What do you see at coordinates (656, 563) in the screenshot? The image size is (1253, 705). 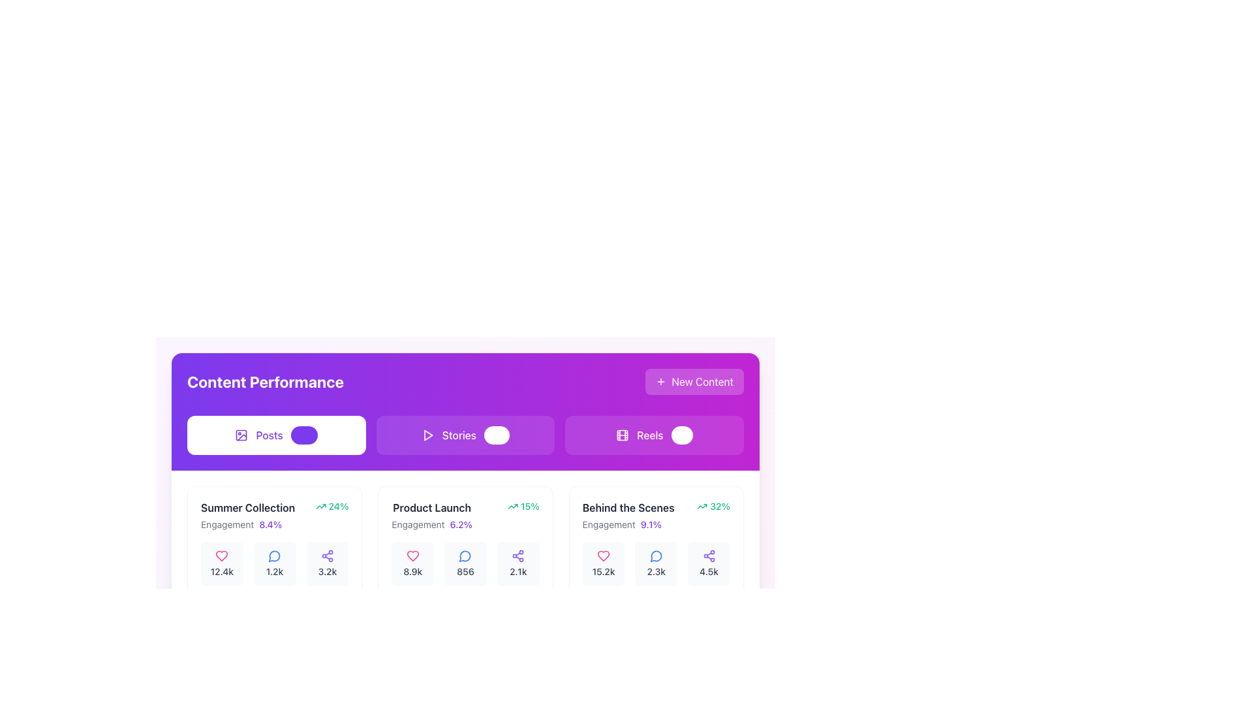 I see `the clickable card element displaying a blue speech bubble icon and '2.3k' text, located in the 'Behind the Scenes' section, third card from the left` at bounding box center [656, 563].